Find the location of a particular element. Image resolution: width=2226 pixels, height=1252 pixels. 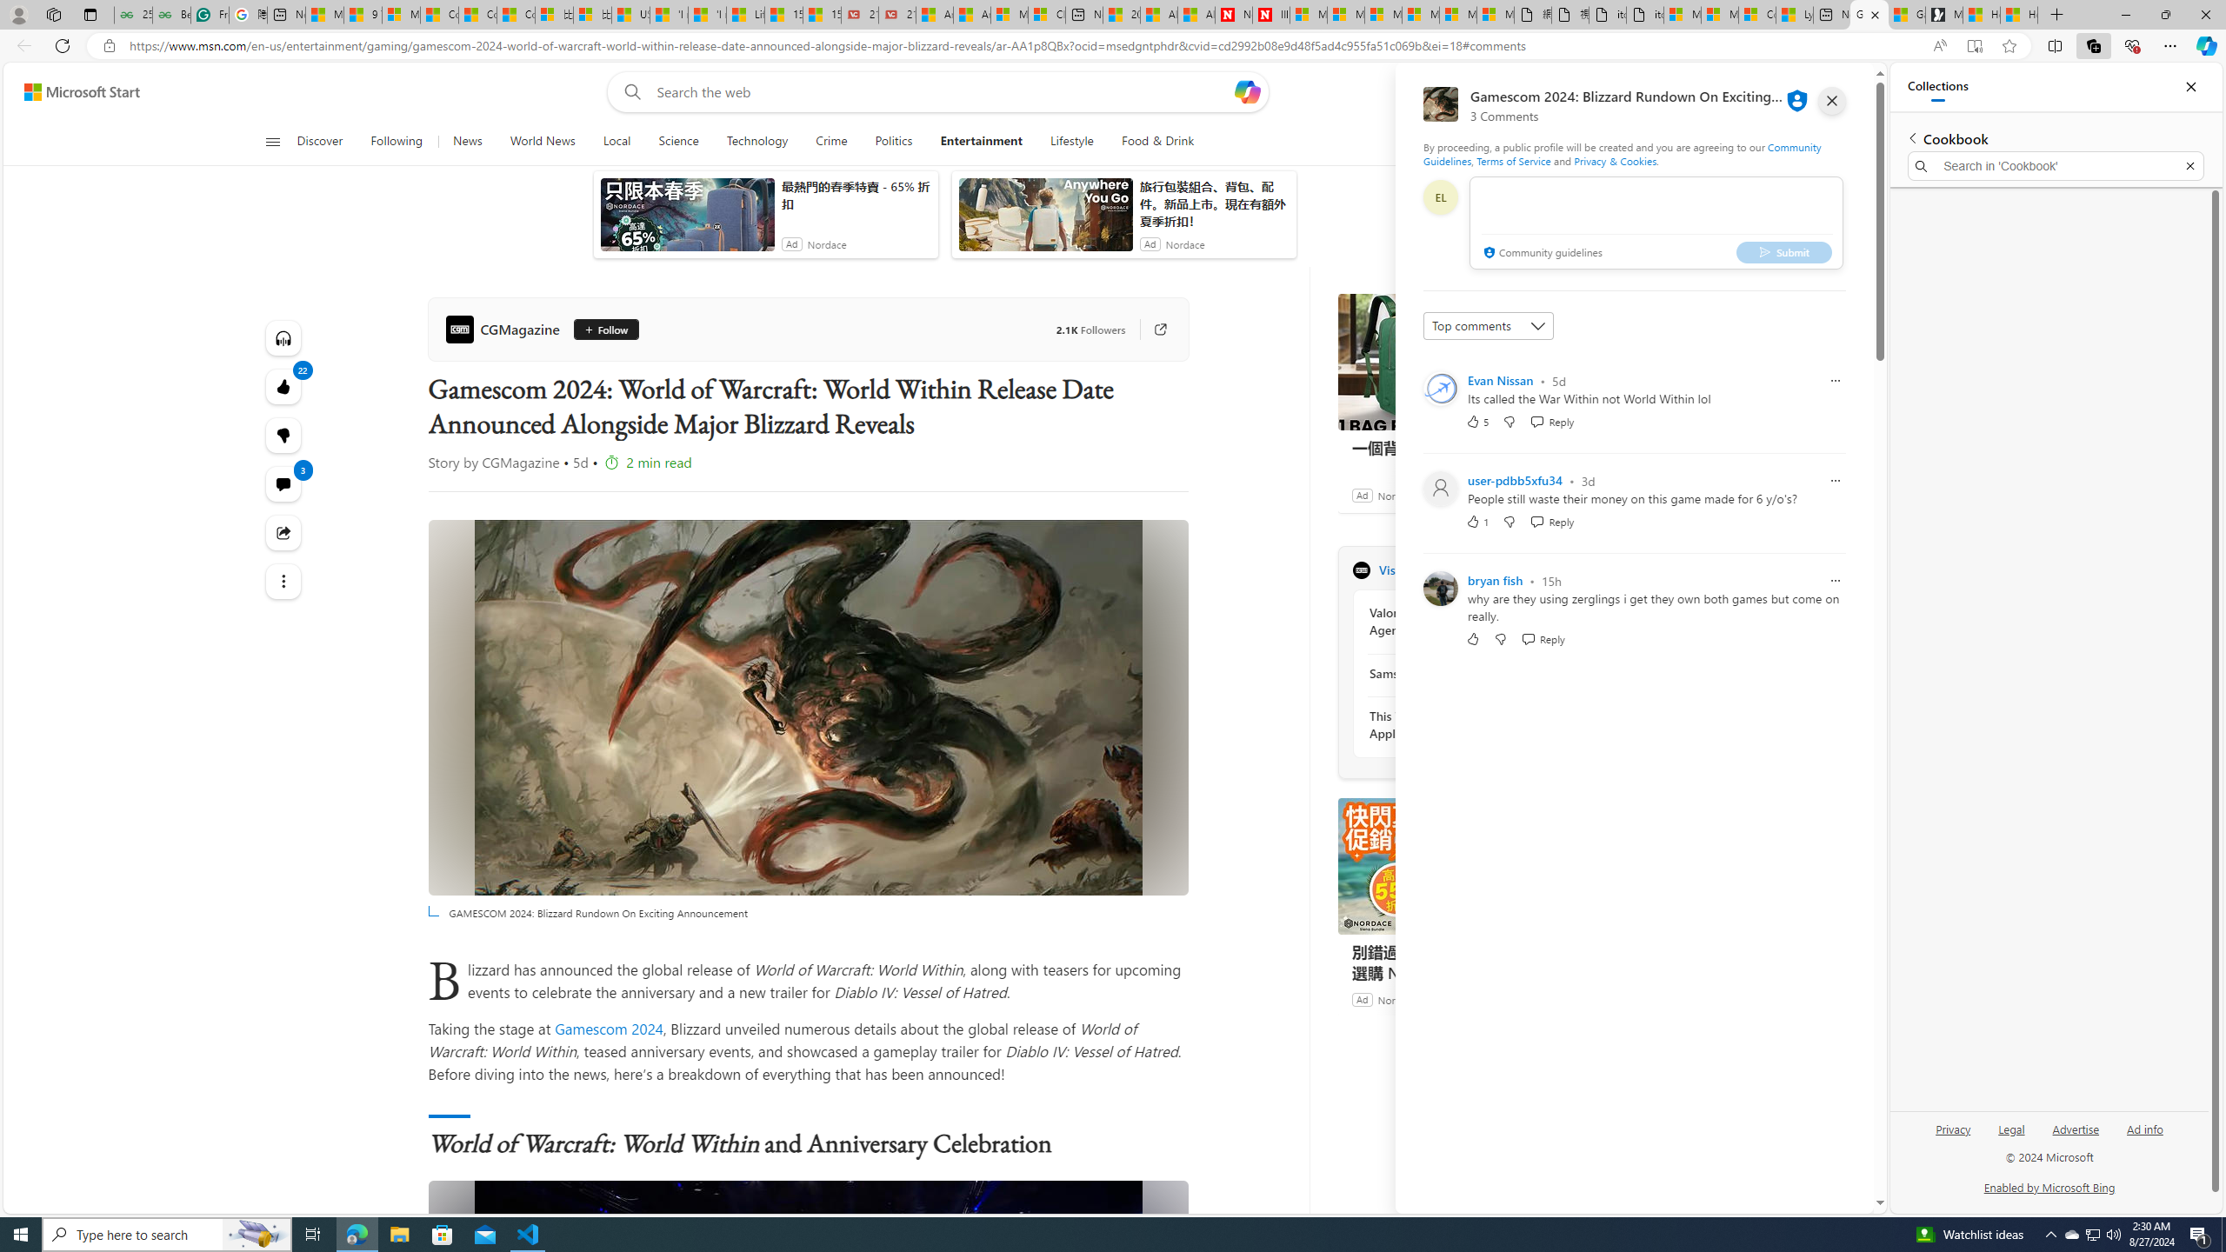

'Local' is located at coordinates (616, 141).